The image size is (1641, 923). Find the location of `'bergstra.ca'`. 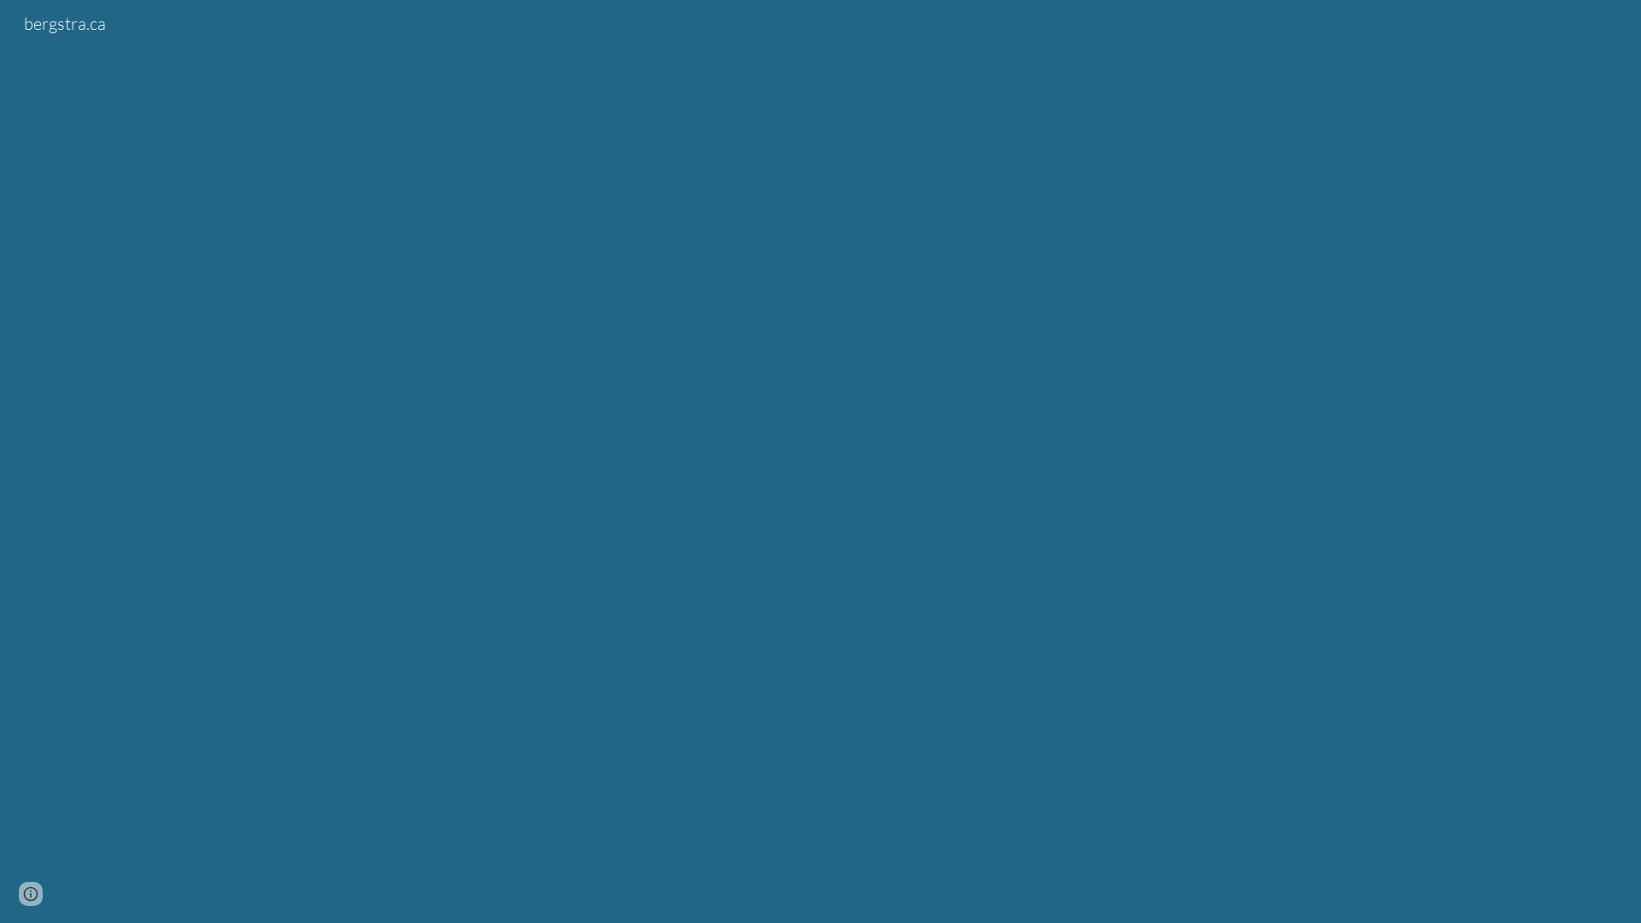

'bergstra.ca' is located at coordinates (65, 21).